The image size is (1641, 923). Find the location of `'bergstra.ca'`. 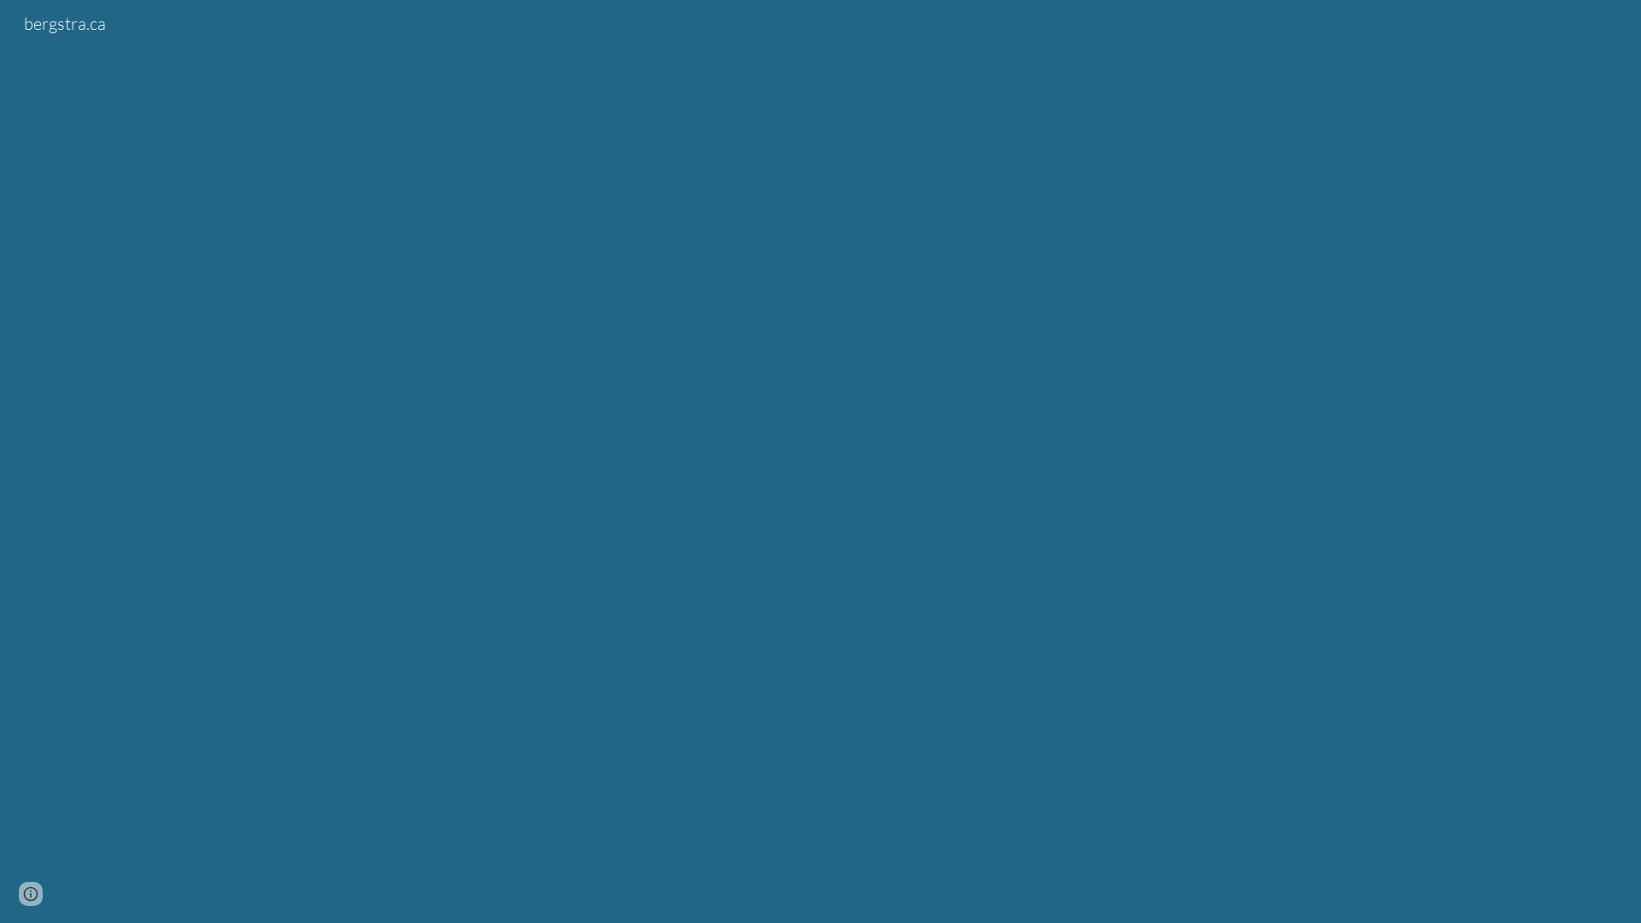

'bergstra.ca' is located at coordinates (65, 21).